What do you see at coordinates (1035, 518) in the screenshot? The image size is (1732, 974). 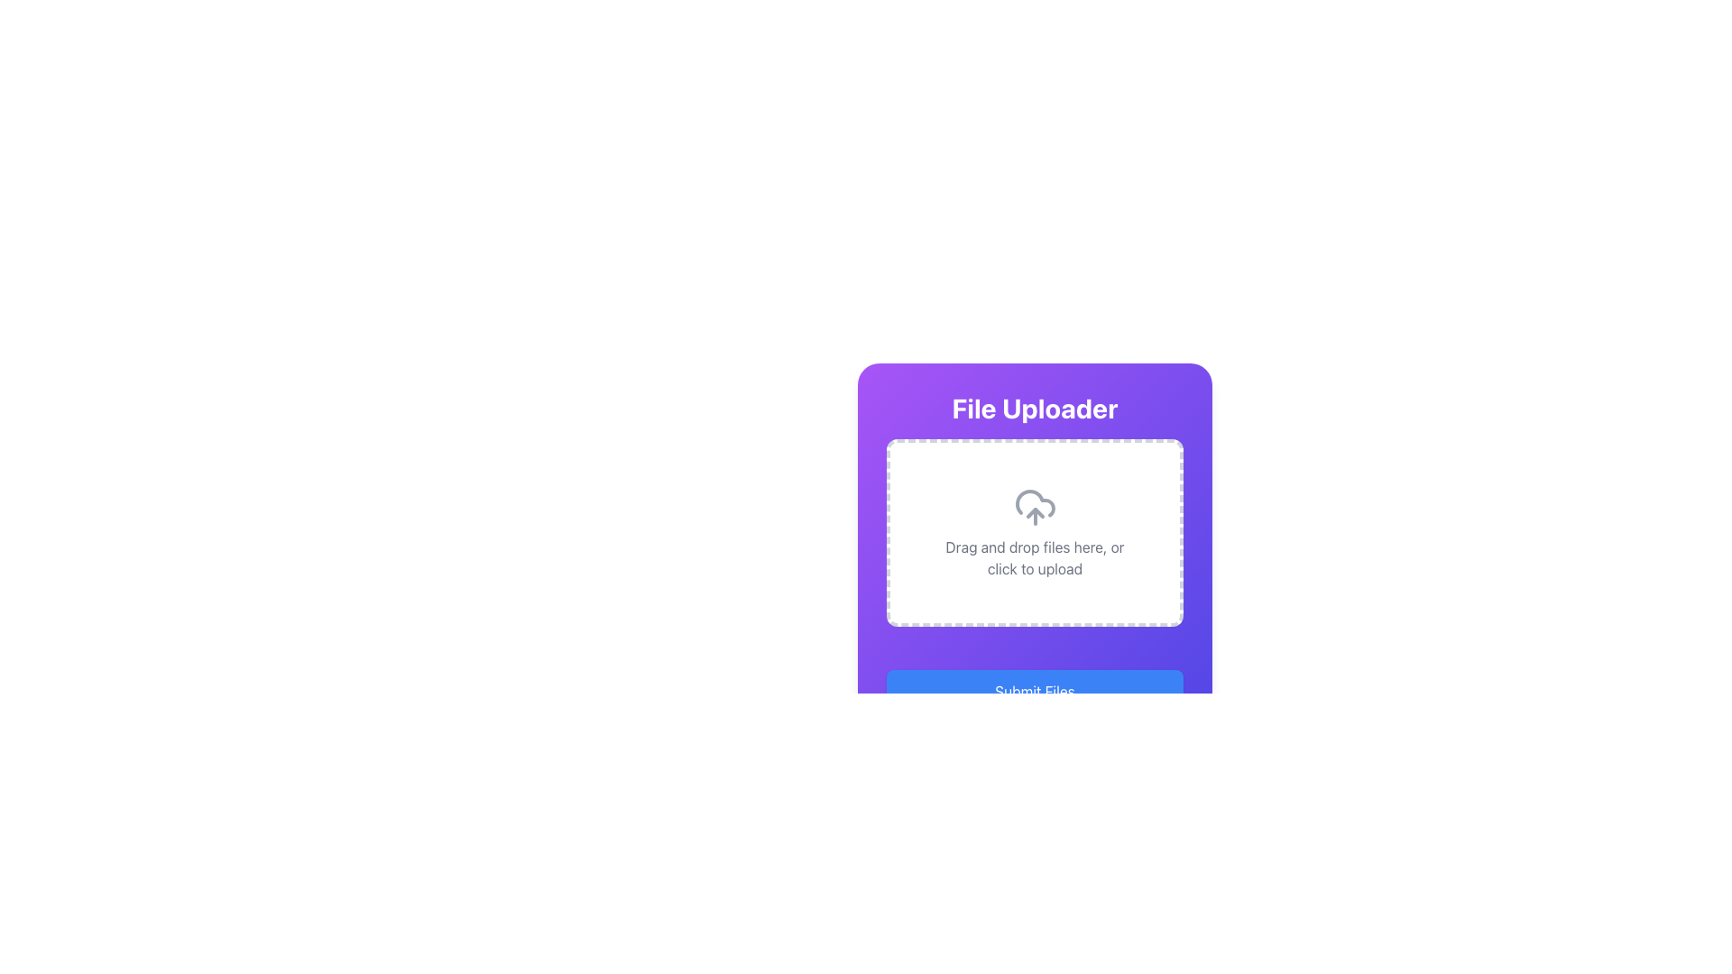 I see `a file into the central dashed area of the modal window for file upload` at bounding box center [1035, 518].